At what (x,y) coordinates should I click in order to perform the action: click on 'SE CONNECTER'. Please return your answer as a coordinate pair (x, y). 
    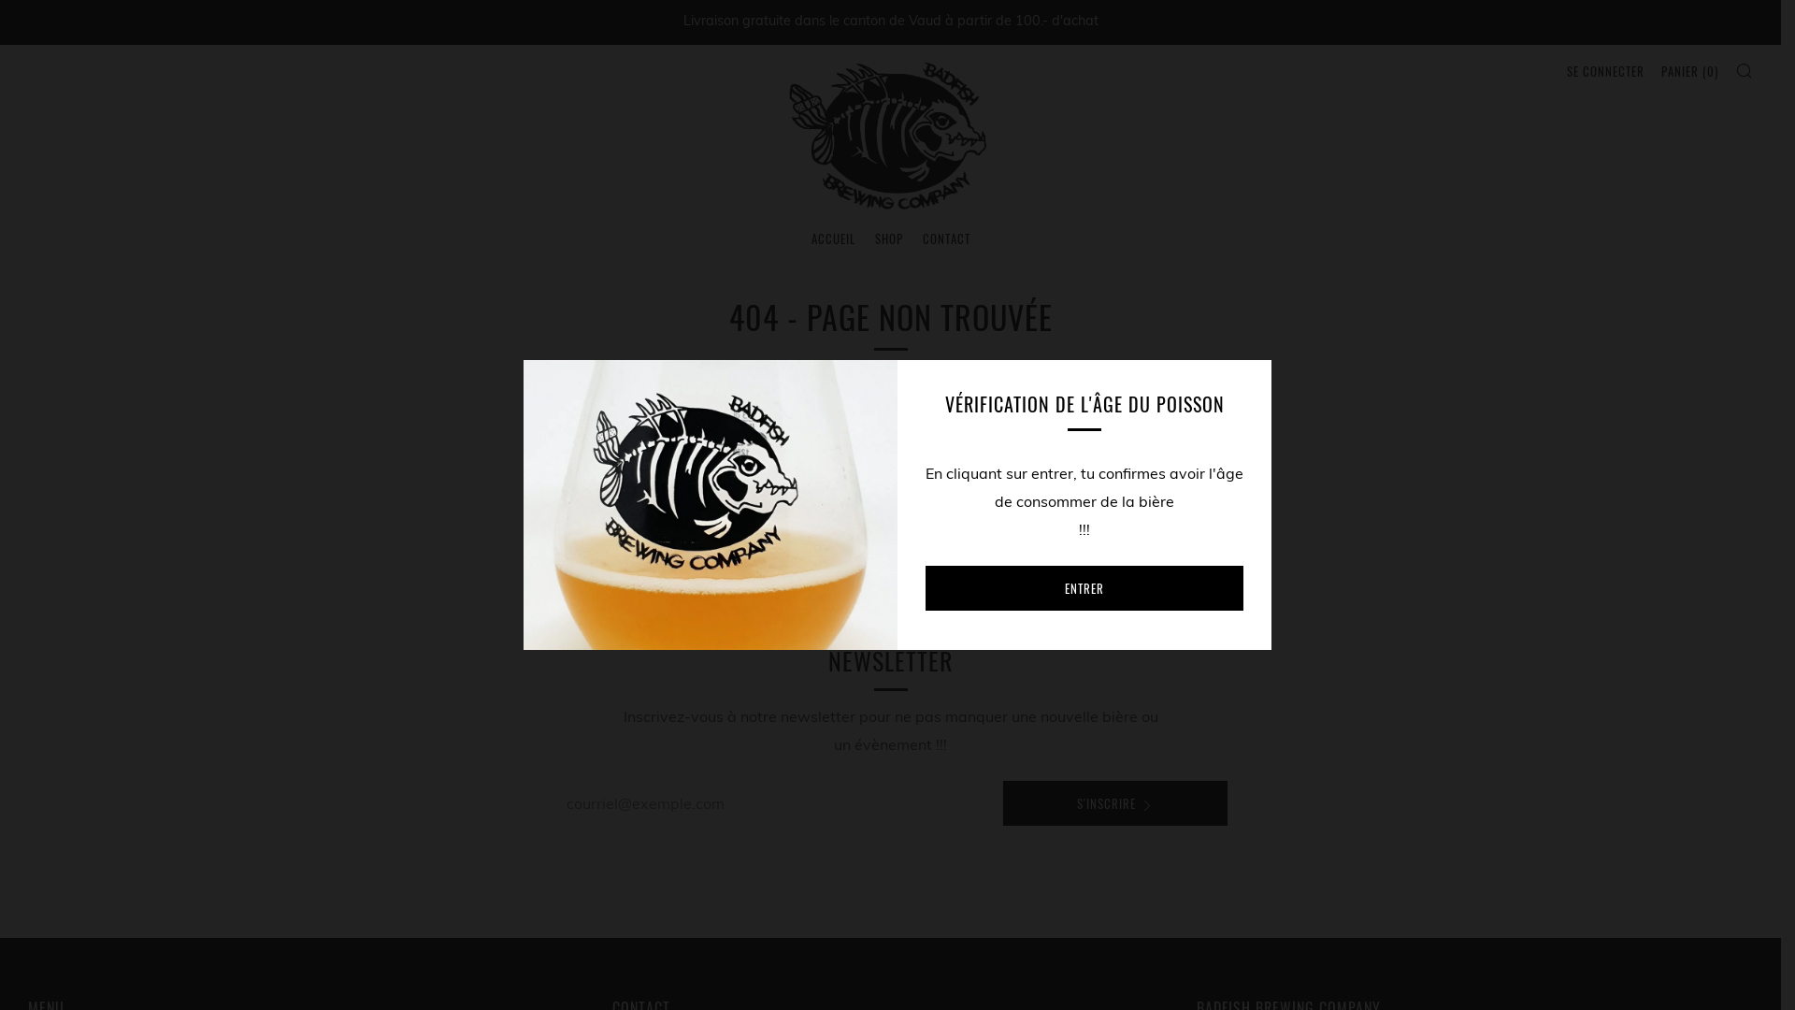
    Looking at the image, I should click on (1604, 70).